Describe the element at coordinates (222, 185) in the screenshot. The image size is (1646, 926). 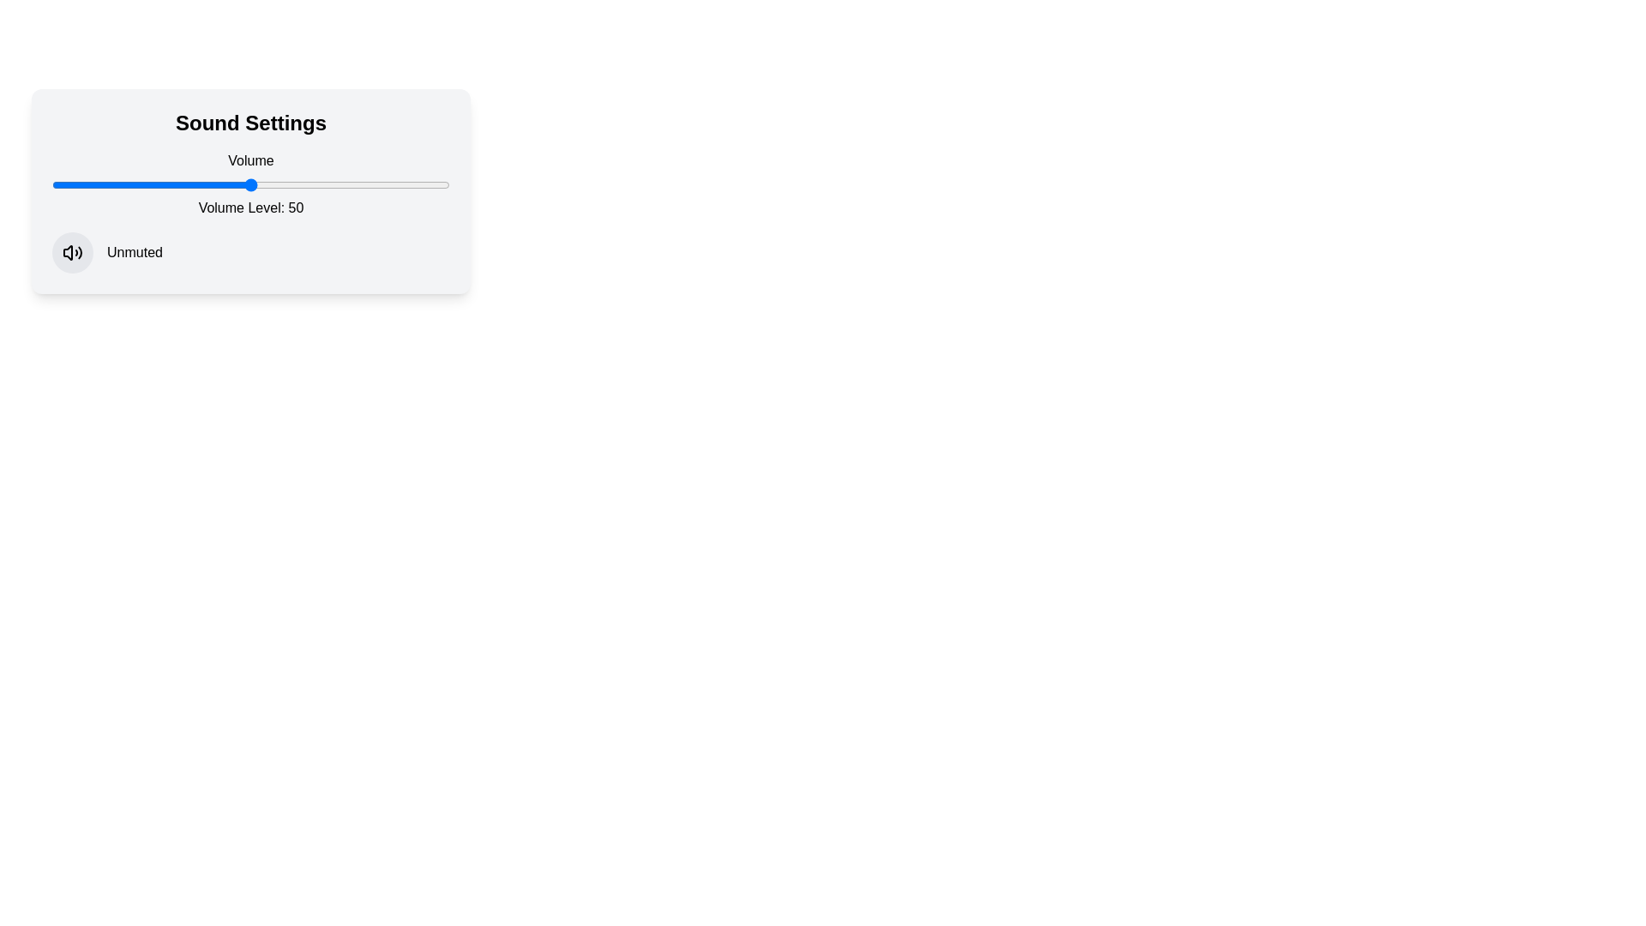
I see `the volume level` at that location.